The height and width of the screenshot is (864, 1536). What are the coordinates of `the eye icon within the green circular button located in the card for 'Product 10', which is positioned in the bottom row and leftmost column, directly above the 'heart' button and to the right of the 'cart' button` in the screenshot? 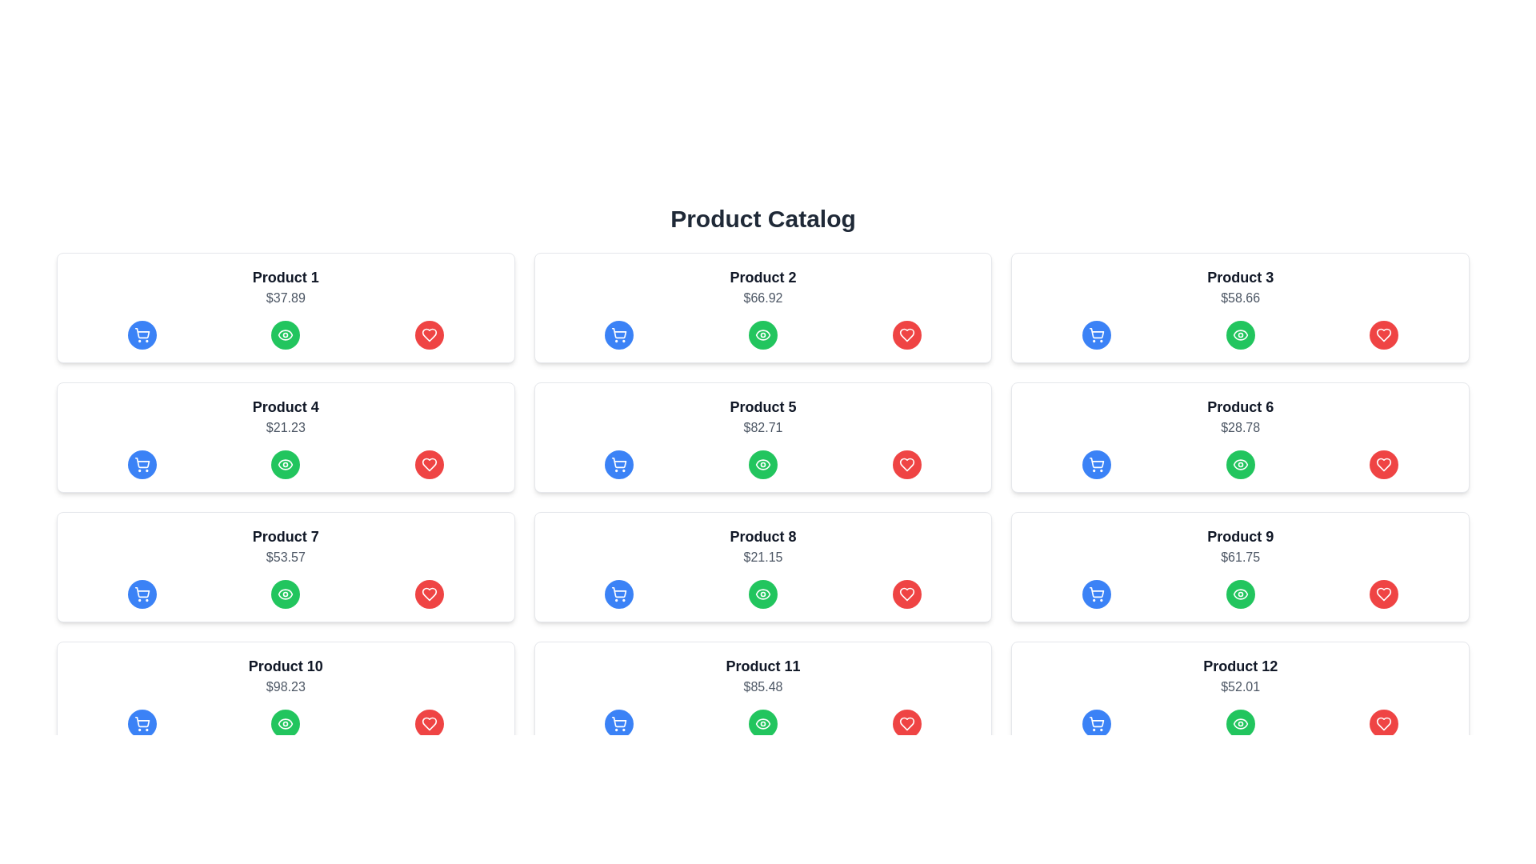 It's located at (286, 594).